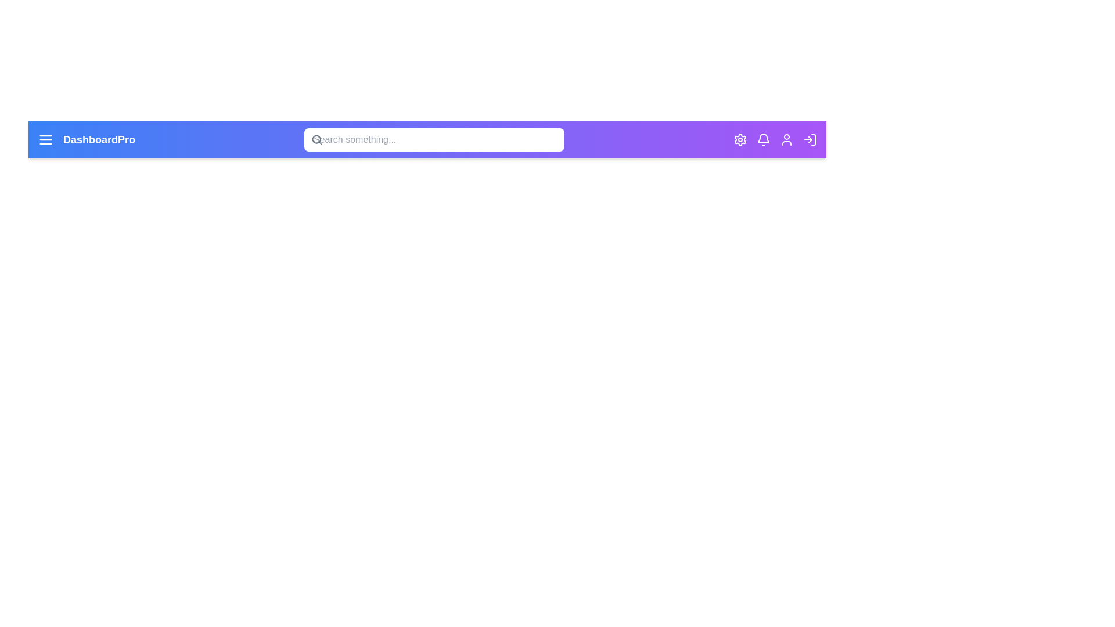 The width and height of the screenshot is (1115, 627). What do you see at coordinates (434, 139) in the screenshot?
I see `the search bar and type the text 'example query'` at bounding box center [434, 139].